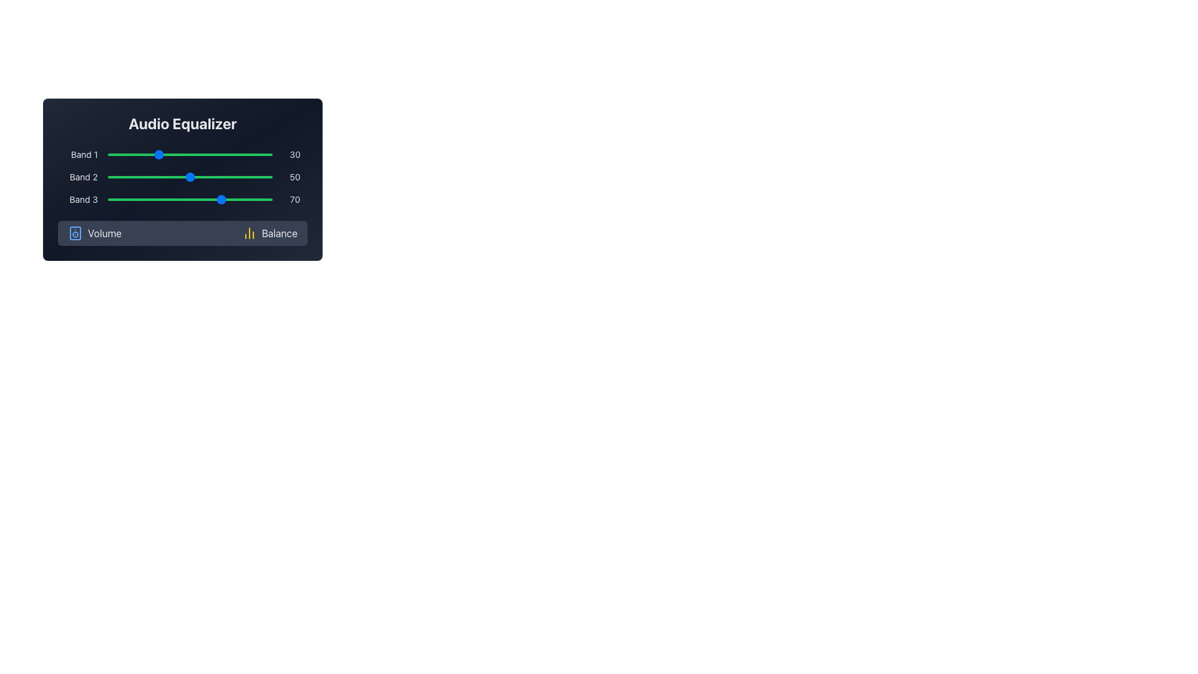  What do you see at coordinates (295, 199) in the screenshot?
I see `the Text Display showing the current value of '70' for the slider associated with 'Band 3', which is positioned to the right of the slider` at bounding box center [295, 199].